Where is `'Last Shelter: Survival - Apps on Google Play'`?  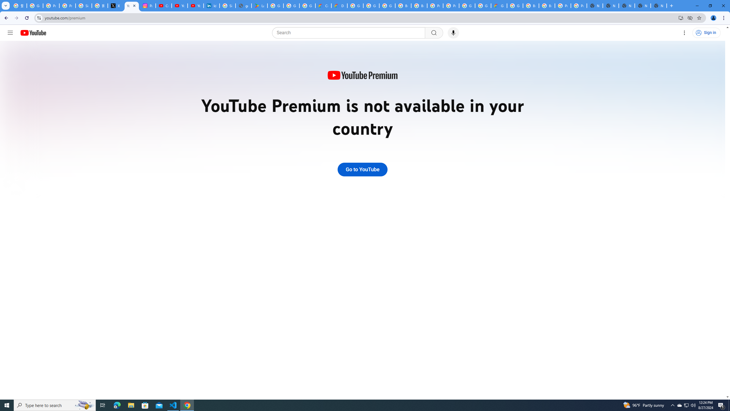
'Last Shelter: Survival - Apps on Google Play' is located at coordinates (259, 5).